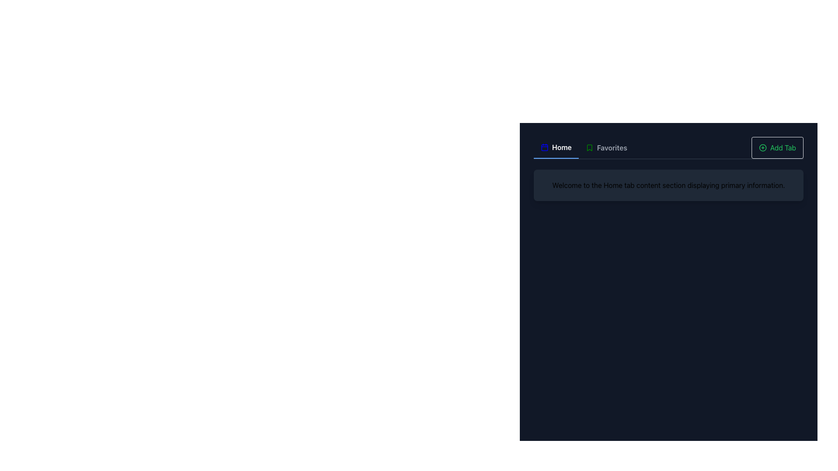 The height and width of the screenshot is (471, 838). What do you see at coordinates (556, 147) in the screenshot?
I see `the leftmost navigation button labeled 'Home' in the top navigation bar` at bounding box center [556, 147].